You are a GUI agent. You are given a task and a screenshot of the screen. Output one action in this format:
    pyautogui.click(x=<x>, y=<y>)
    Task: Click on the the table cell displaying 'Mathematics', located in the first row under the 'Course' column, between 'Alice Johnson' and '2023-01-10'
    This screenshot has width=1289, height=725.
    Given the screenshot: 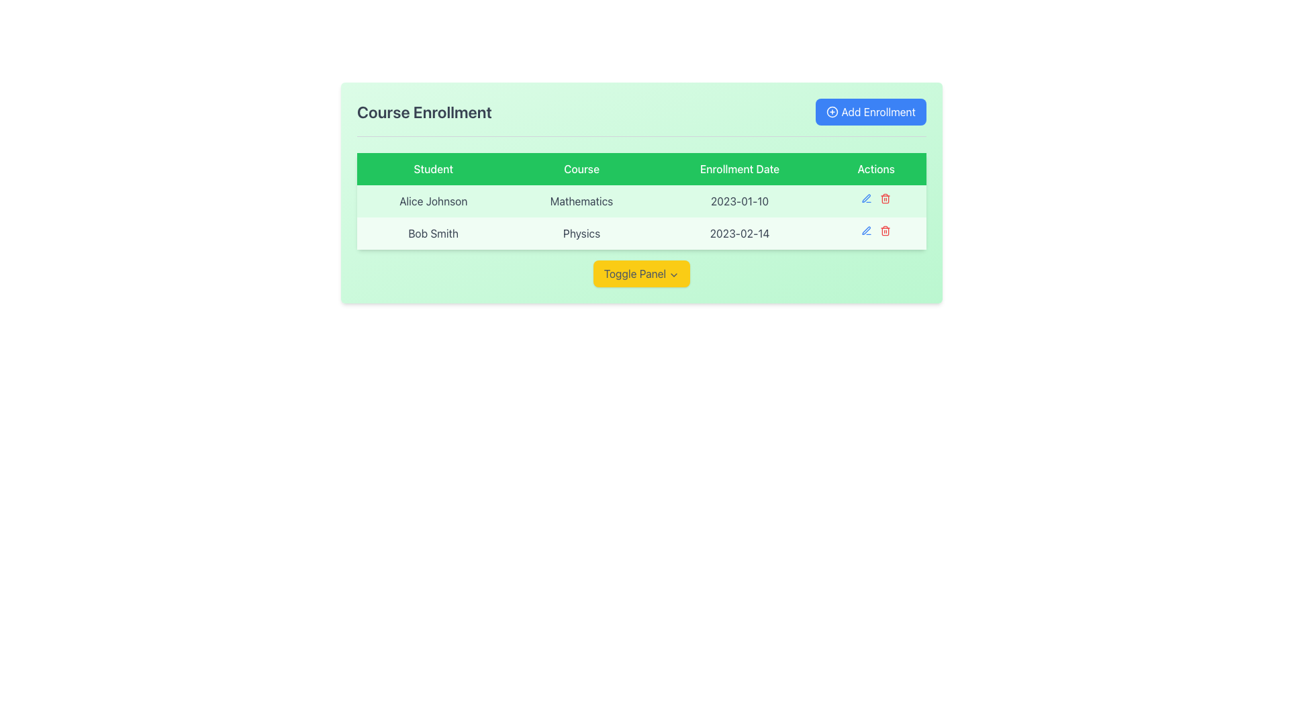 What is the action you would take?
    pyautogui.click(x=640, y=201)
    